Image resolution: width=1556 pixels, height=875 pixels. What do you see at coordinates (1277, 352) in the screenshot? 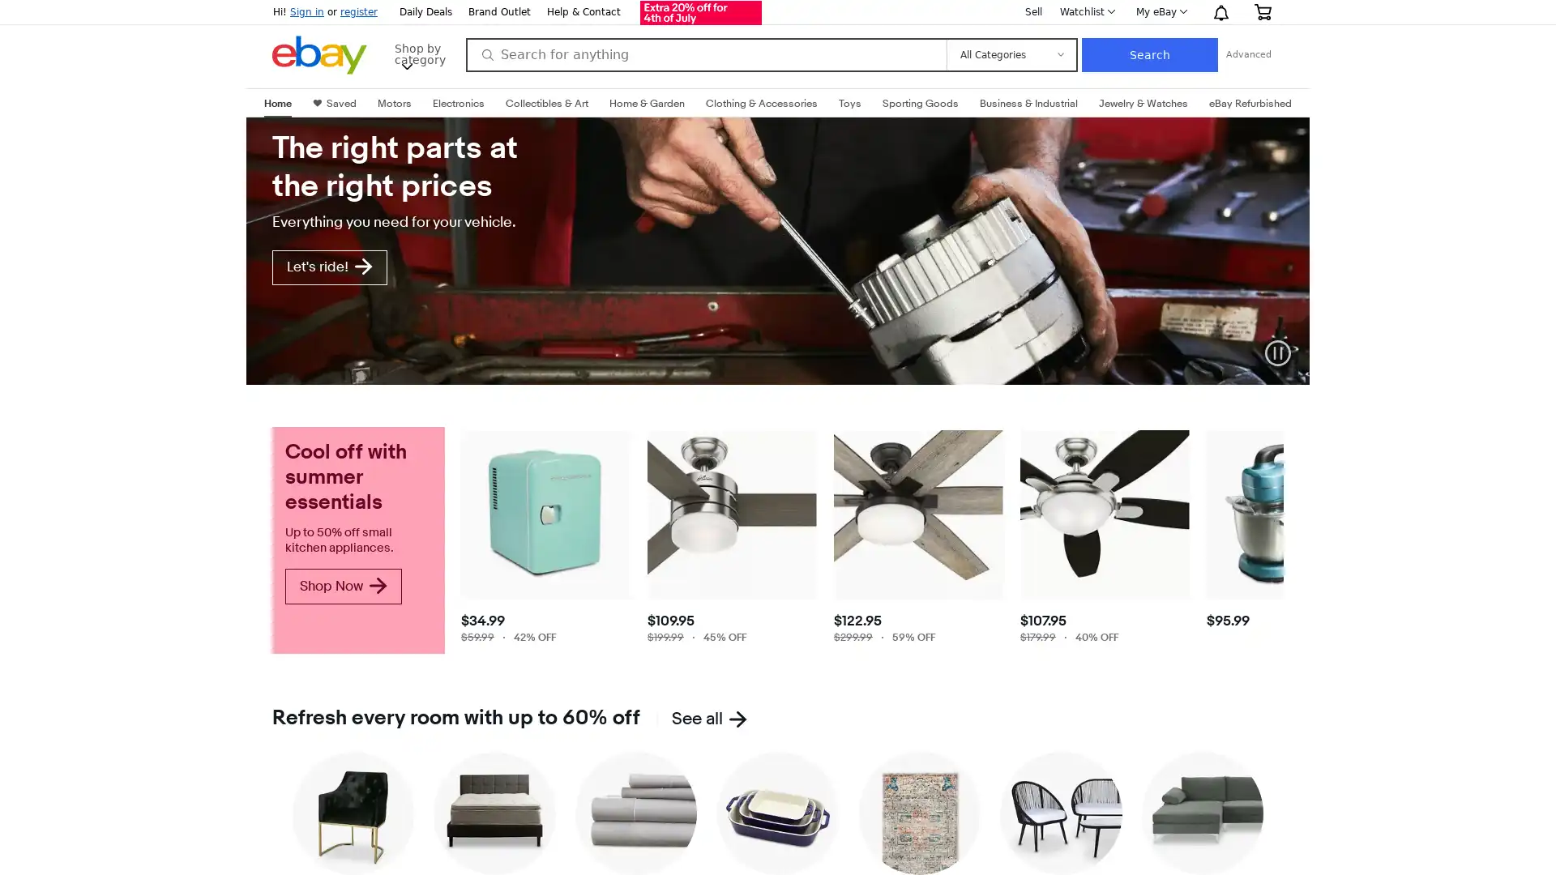
I see `Pause Banner Carousel` at bounding box center [1277, 352].